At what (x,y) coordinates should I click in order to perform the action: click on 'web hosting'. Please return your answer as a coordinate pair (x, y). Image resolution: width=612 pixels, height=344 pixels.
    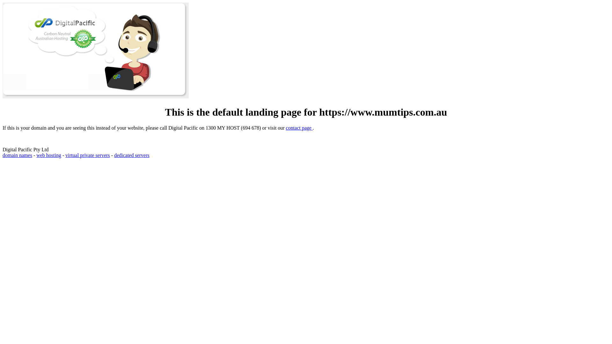
    Looking at the image, I should click on (36, 155).